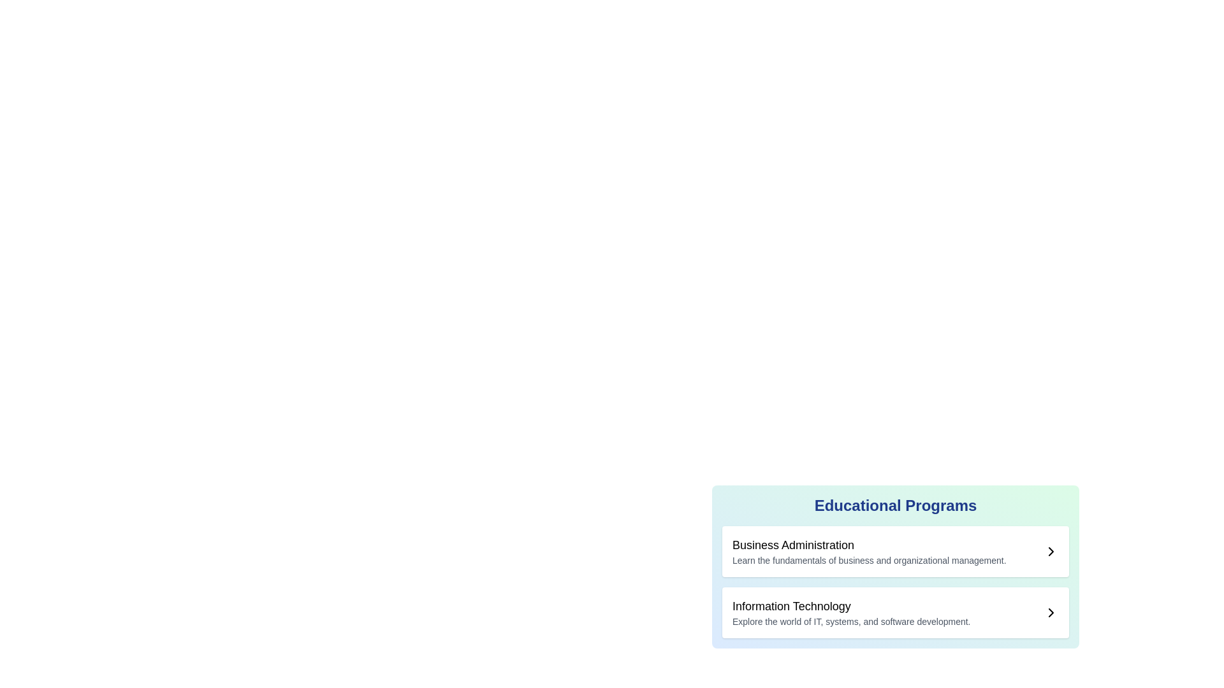 Image resolution: width=1224 pixels, height=688 pixels. What do you see at coordinates (895, 612) in the screenshot?
I see `the second navigation link under the 'Educational Programs' heading` at bounding box center [895, 612].